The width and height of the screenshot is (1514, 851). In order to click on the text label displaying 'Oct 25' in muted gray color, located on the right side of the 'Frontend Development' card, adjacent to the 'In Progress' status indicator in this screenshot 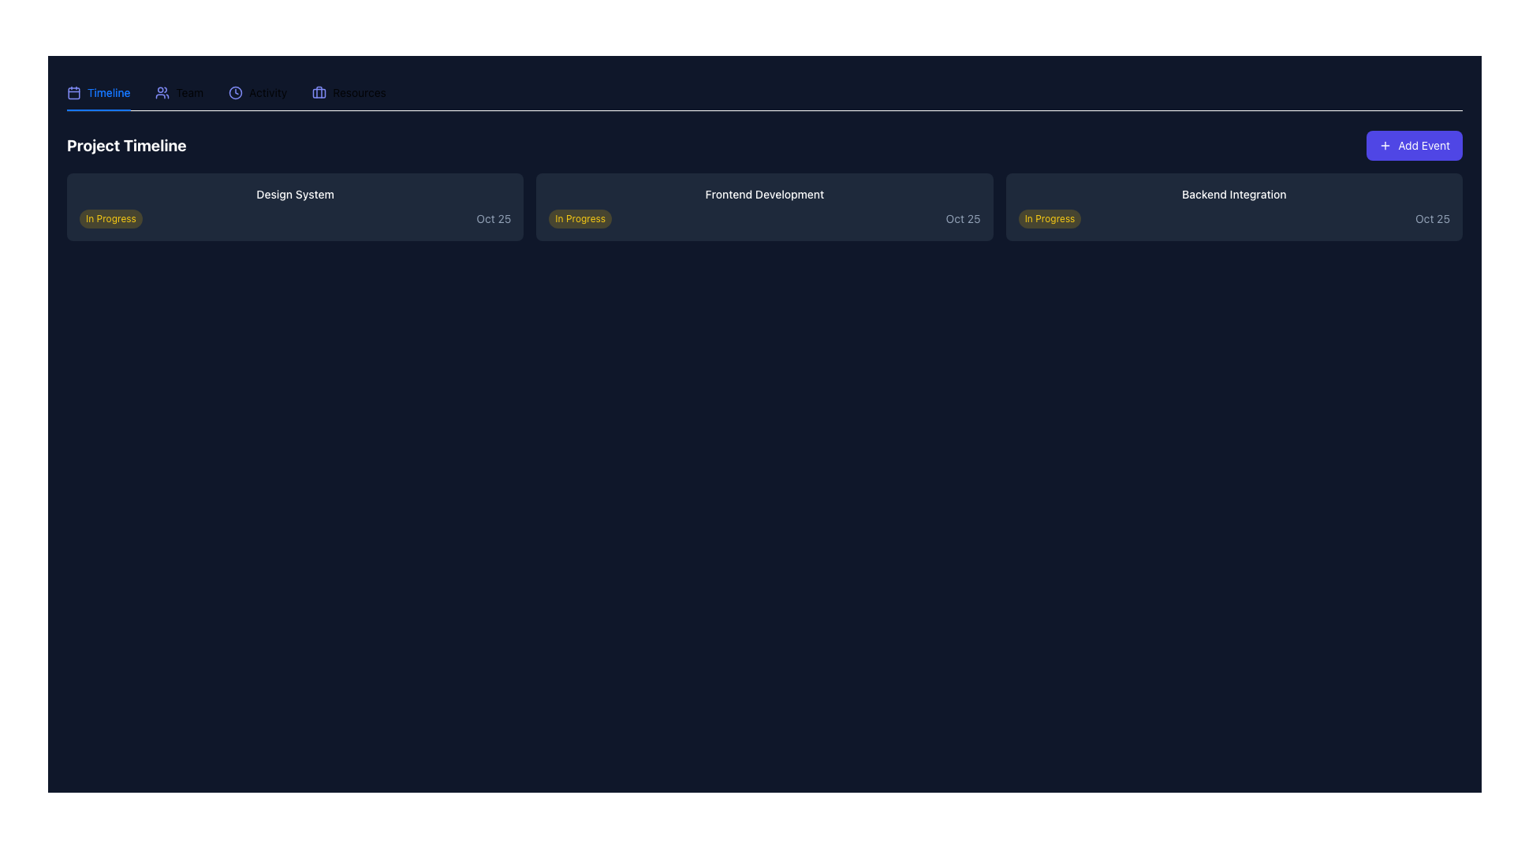, I will do `click(962, 218)`.